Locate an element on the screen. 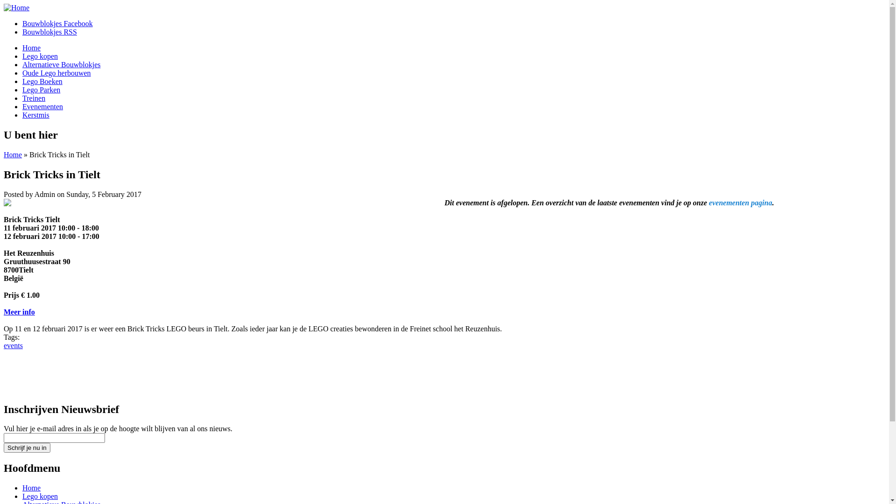  'events' is located at coordinates (13, 345).